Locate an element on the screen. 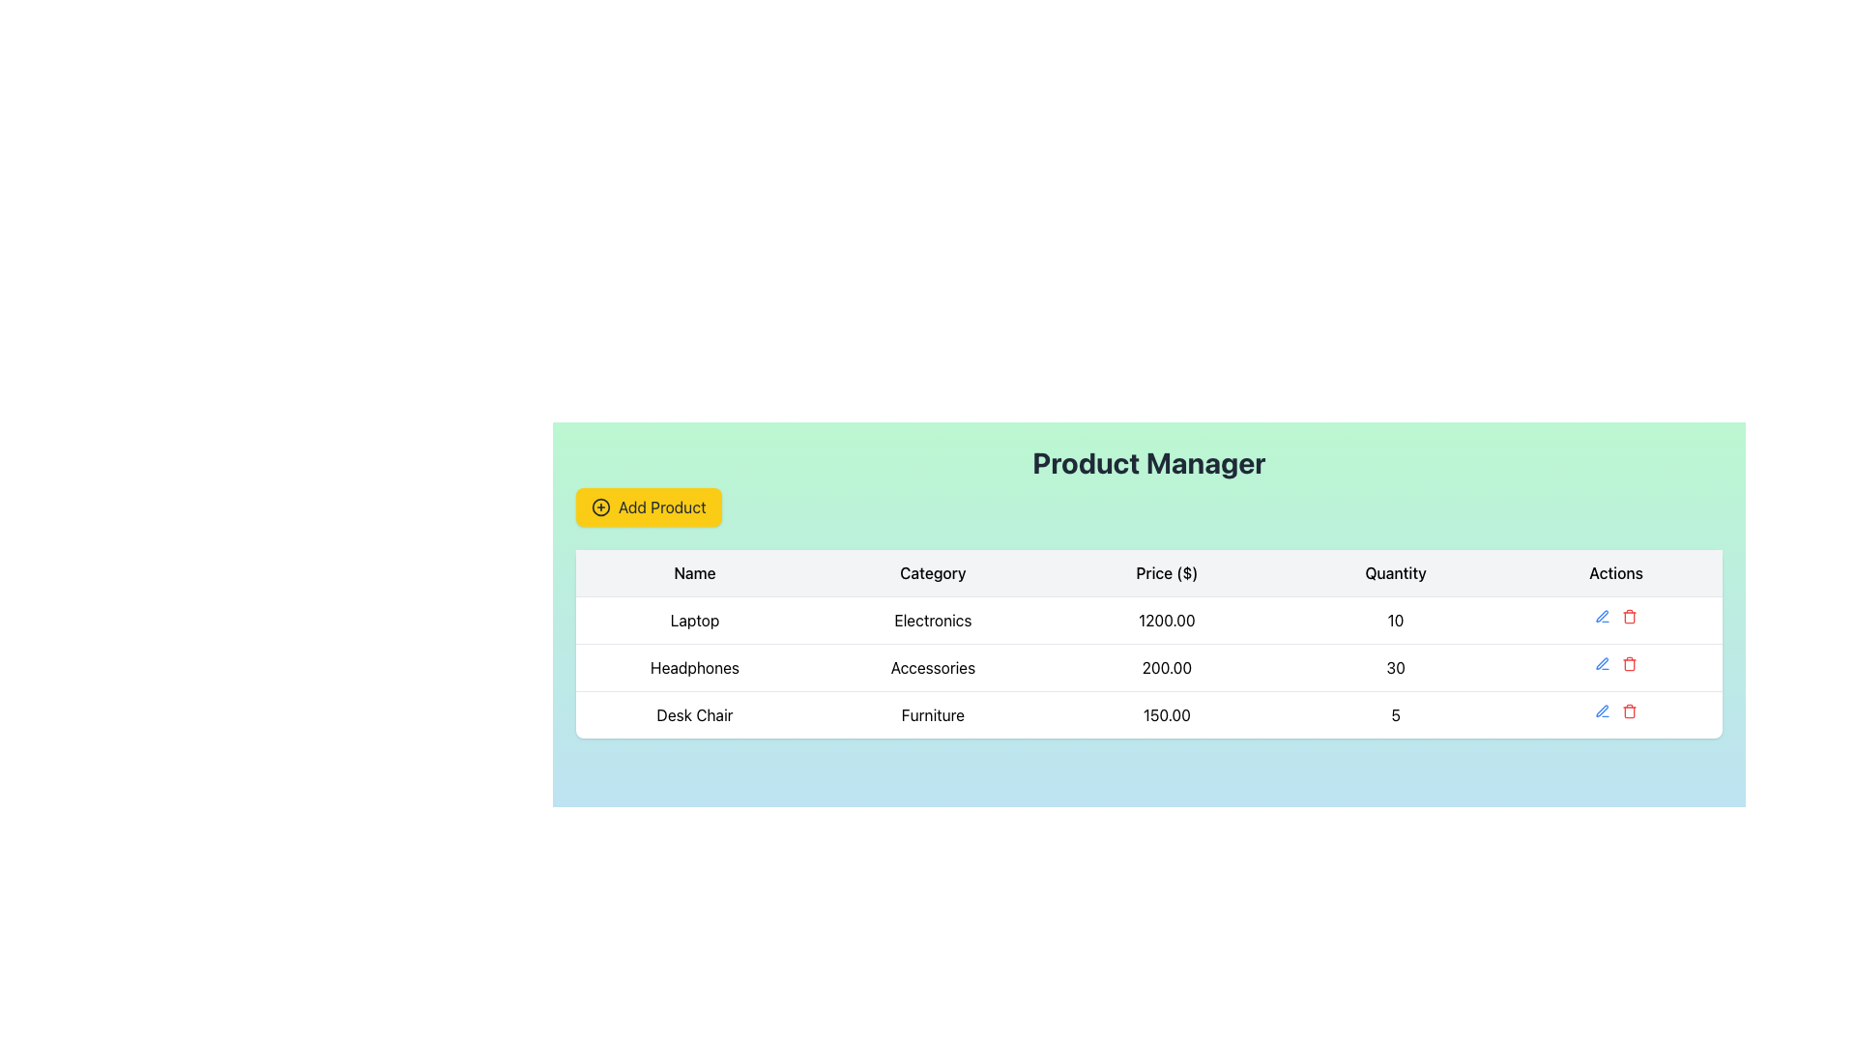 Image resolution: width=1856 pixels, height=1044 pixels. the price text of the 'Desk Chair' product, which is located in the third column of the corresponding row is located at coordinates (1166, 714).